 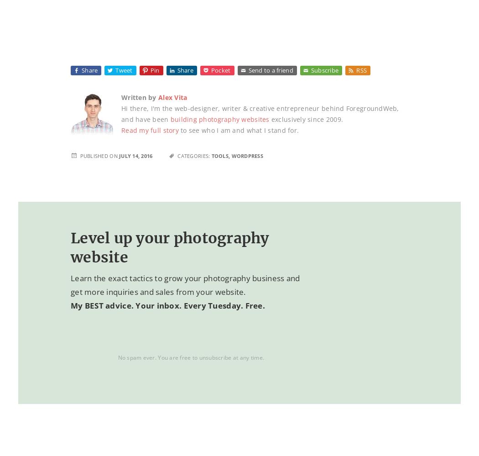 I want to click on 'exclusively since 2009.', so click(x=305, y=119).